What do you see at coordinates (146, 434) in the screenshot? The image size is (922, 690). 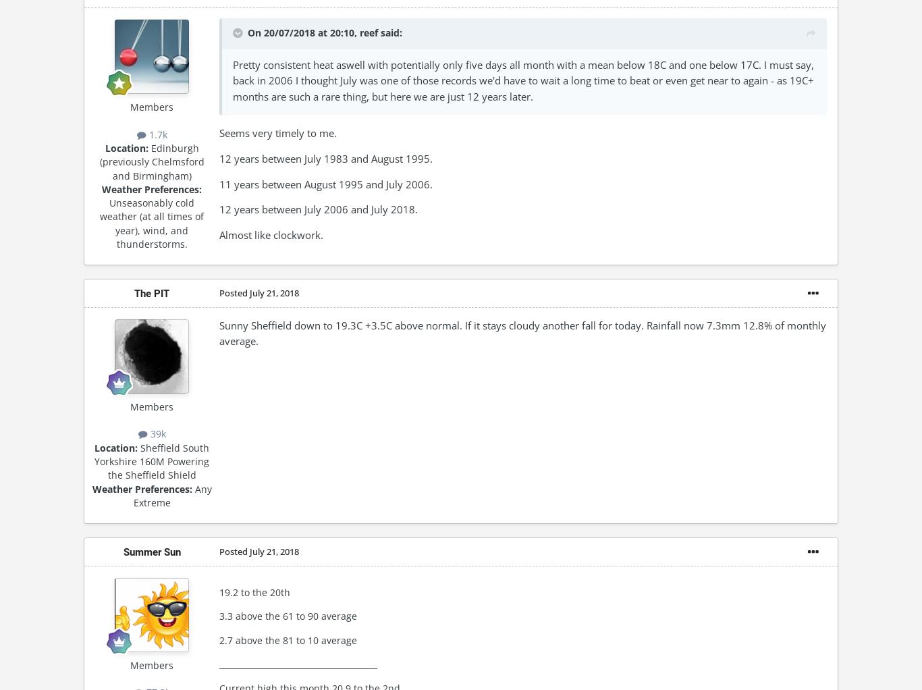 I see `'39k'` at bounding box center [146, 434].